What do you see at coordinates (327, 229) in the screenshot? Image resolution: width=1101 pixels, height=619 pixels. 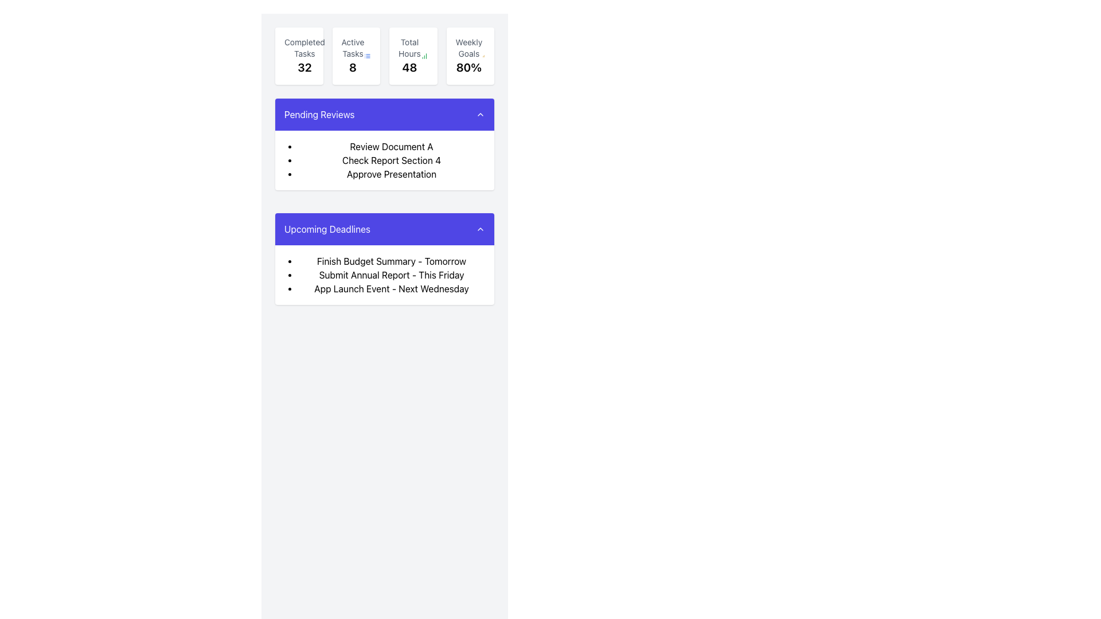 I see `the 'Upcoming Deadlines' text label, which is styled with white font on a blue background and located in the lower half of the user interface within a blue rectangular header bar` at bounding box center [327, 229].